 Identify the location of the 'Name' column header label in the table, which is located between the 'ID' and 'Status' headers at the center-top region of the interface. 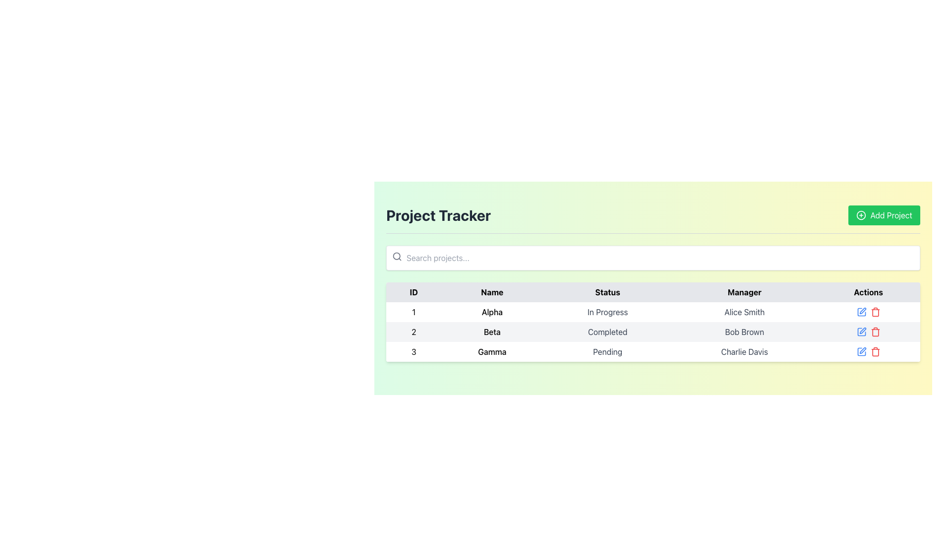
(492, 292).